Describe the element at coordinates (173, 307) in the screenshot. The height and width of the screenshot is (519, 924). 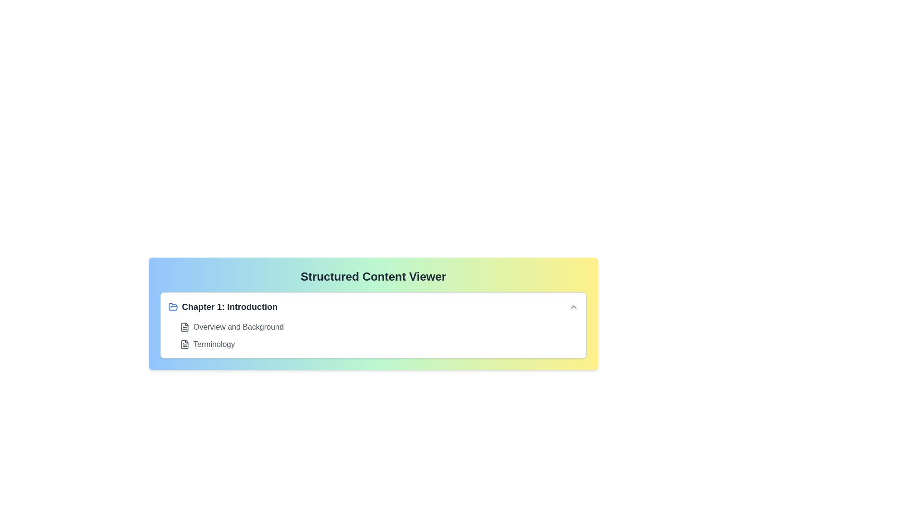
I see `the small folder icon with a blue outline located next to the text block titled 'Chapter 1: Introduction' in the header of a content section` at that location.